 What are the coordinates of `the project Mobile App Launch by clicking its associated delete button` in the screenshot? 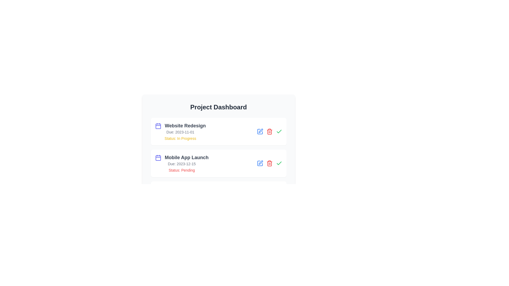 It's located at (269, 163).